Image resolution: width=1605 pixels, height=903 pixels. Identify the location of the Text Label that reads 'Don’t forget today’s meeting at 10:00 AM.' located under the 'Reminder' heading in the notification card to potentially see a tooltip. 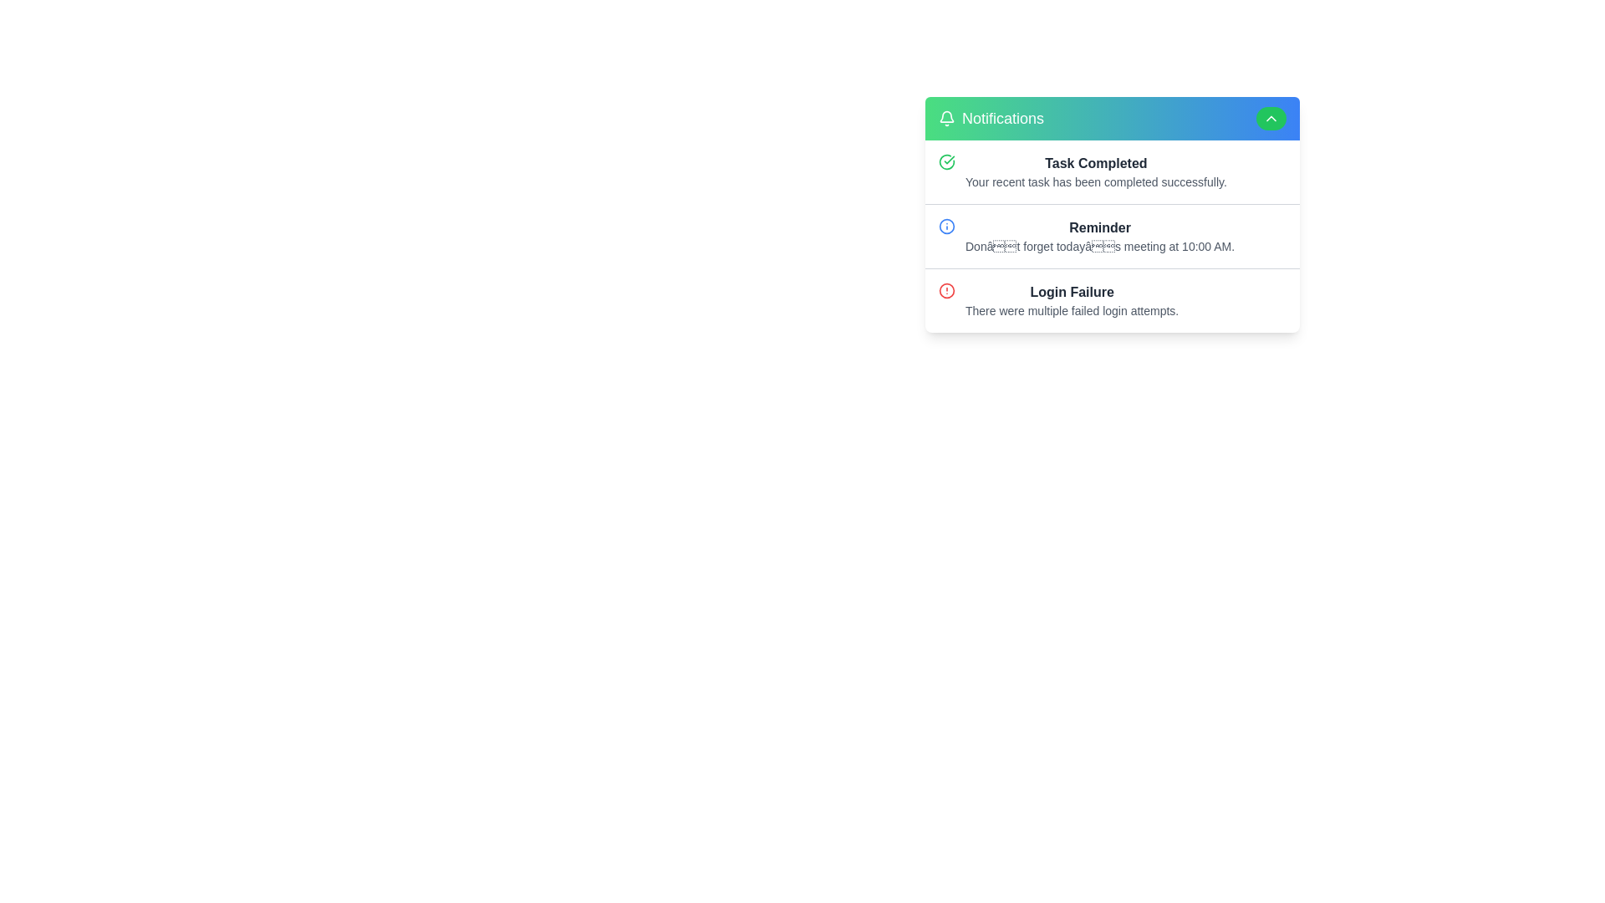
(1100, 246).